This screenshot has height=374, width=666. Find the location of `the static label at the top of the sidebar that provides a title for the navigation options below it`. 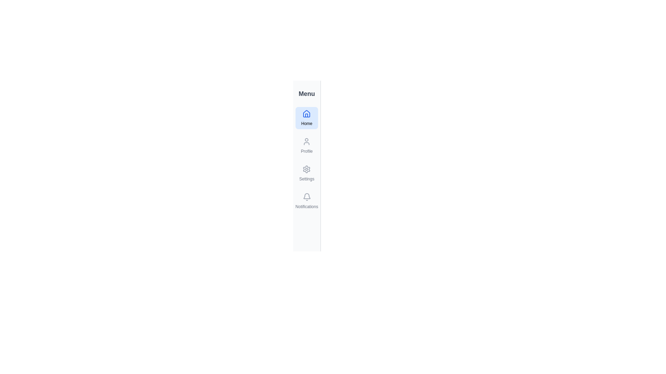

the static label at the top of the sidebar that provides a title for the navigation options below it is located at coordinates (306, 93).